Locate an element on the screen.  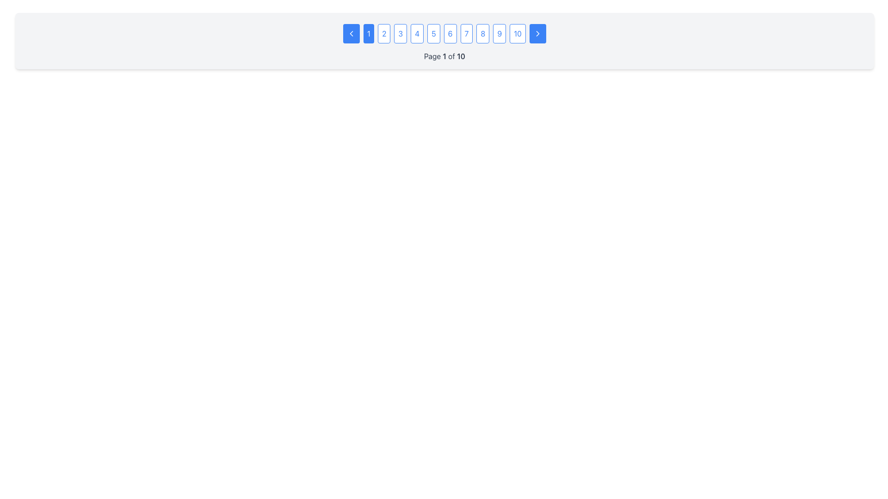
the rectangular button labeled '9' with a white background and blue text is located at coordinates (499, 33).